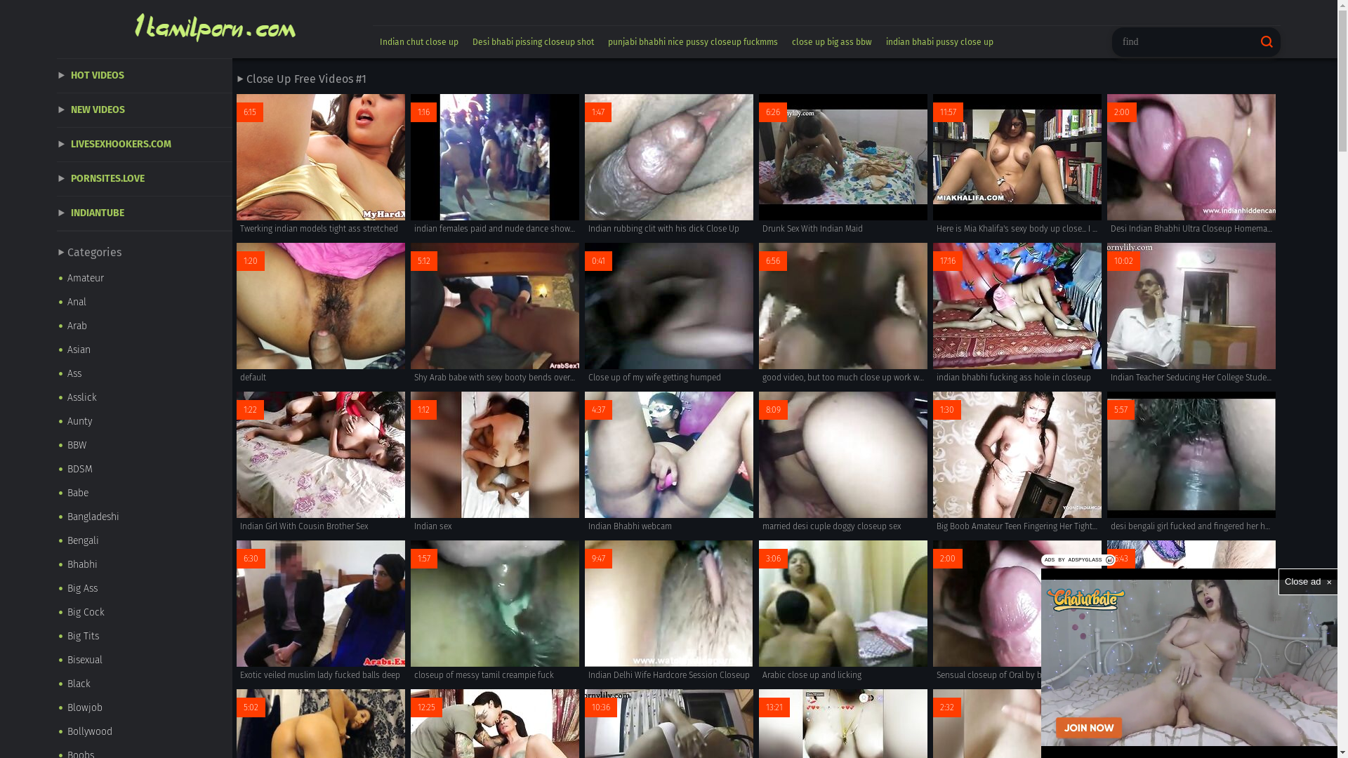  Describe the element at coordinates (145, 589) in the screenshot. I see `'Big Ass'` at that location.